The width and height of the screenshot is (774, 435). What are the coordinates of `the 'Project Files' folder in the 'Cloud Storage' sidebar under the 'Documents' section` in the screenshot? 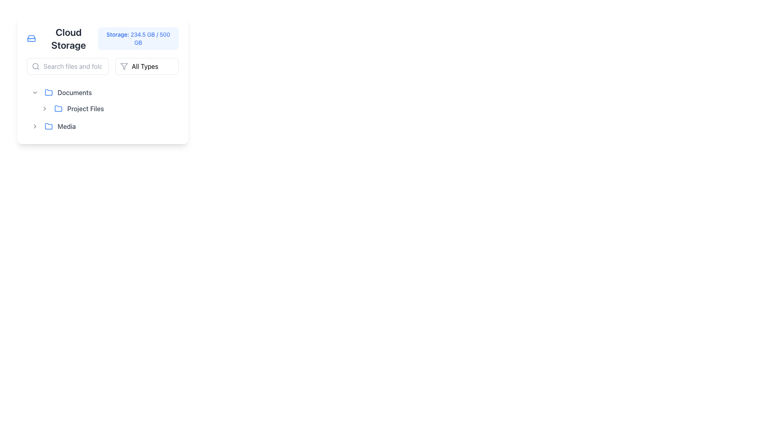 It's located at (107, 109).